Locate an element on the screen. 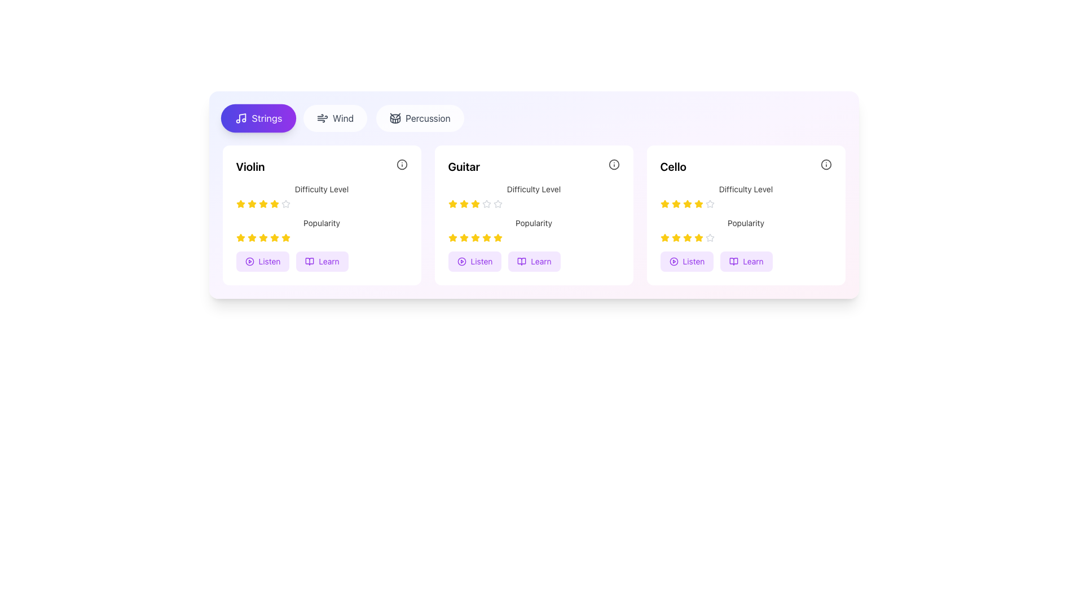  the third star in the top row of the rating system for the 'Cello' category, which indicates a complete rating is located at coordinates (676, 204).